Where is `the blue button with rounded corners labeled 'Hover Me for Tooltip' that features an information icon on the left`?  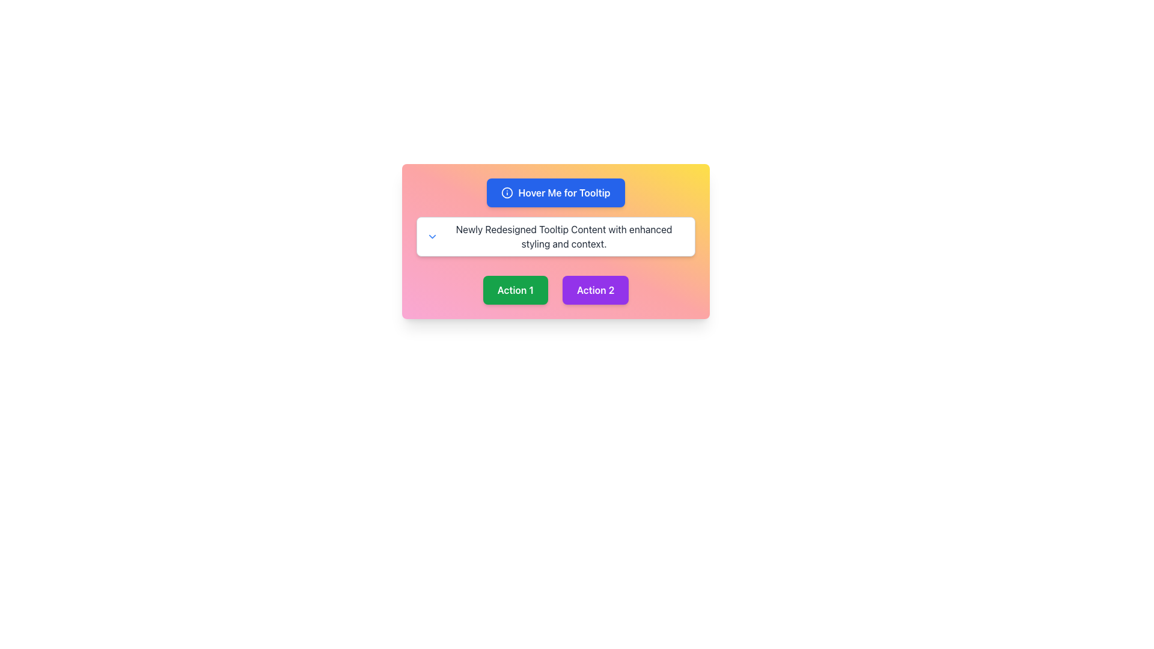 the blue button with rounded corners labeled 'Hover Me for Tooltip' that features an information icon on the left is located at coordinates (555, 192).